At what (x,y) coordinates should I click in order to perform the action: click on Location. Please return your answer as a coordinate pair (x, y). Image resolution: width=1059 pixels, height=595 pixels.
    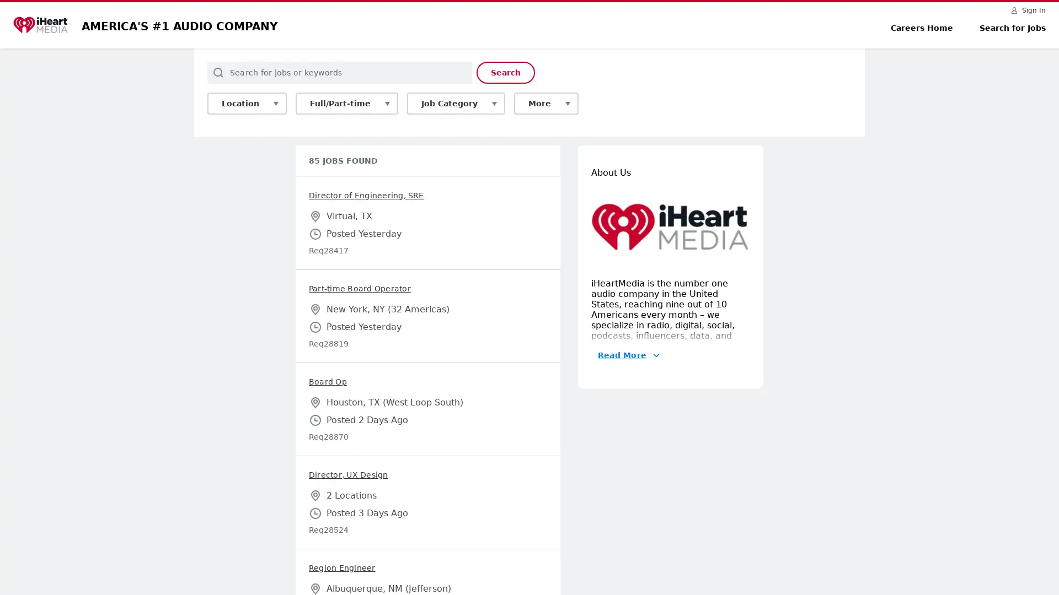
    Looking at the image, I should click on (243, 307).